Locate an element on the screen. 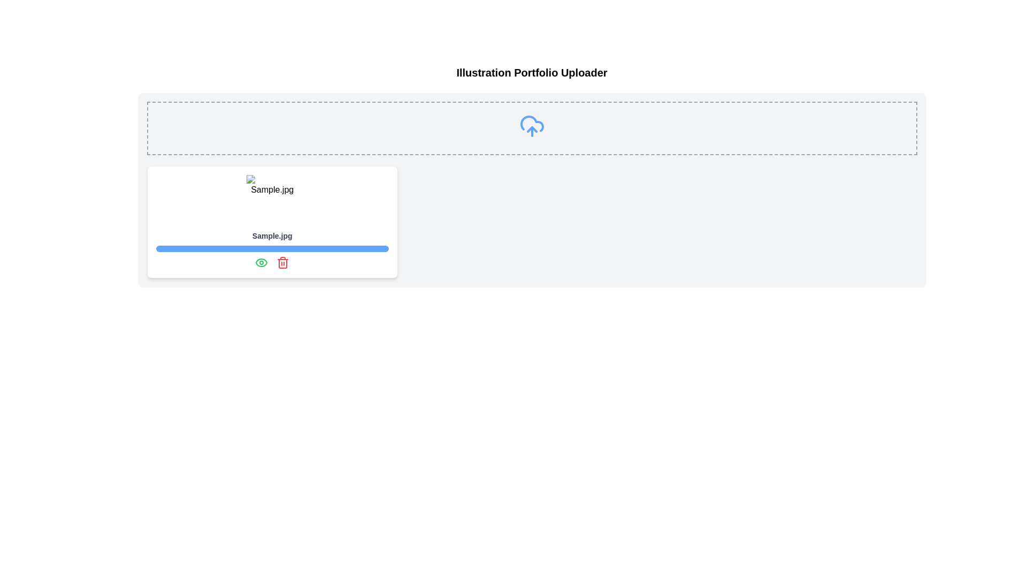 The image size is (1027, 578). the delete action icon button located in the bottom section of the modal dialog, aligned to the right side of adjacent controls is located at coordinates (283, 264).